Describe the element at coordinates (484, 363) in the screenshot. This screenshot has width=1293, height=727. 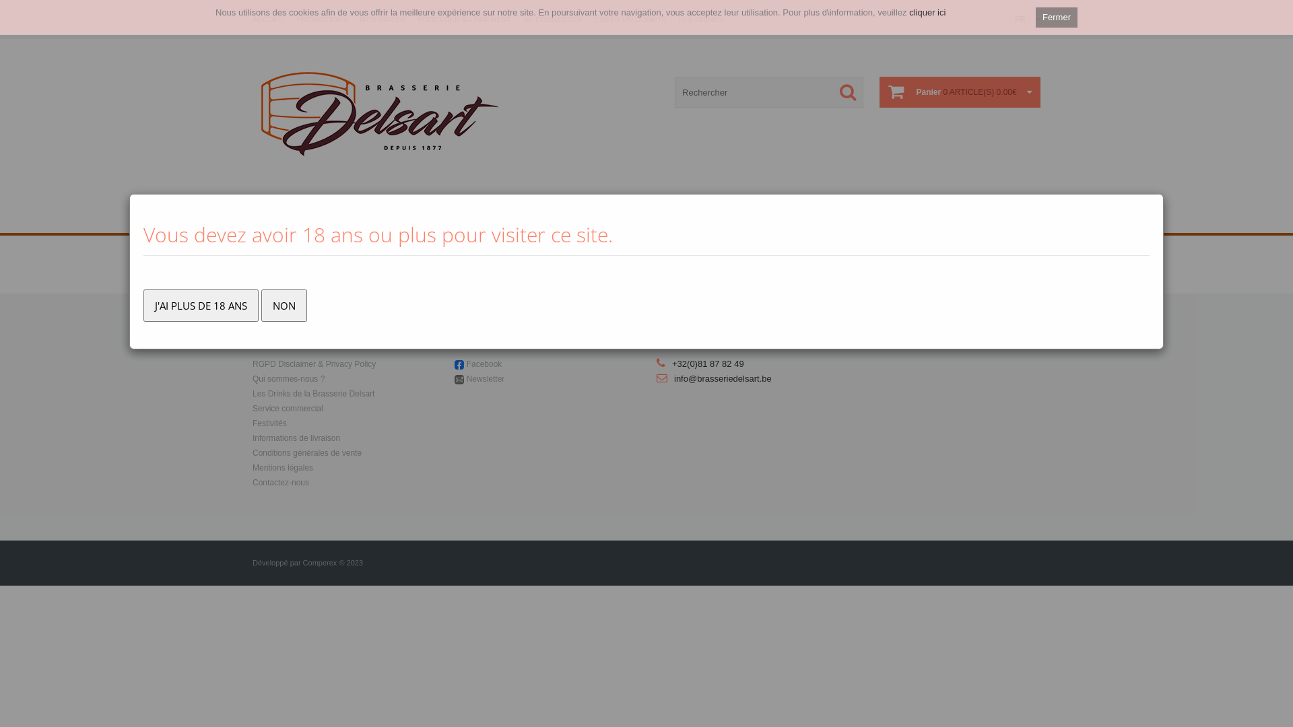
I see `'Facebook'` at that location.